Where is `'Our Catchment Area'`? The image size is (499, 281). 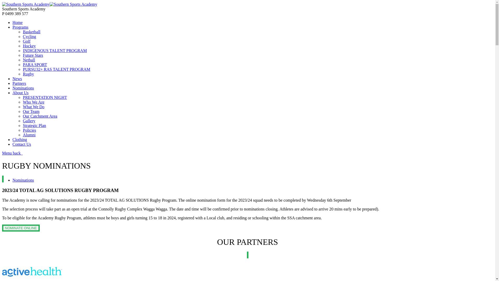 'Our Catchment Area' is located at coordinates (40, 116).